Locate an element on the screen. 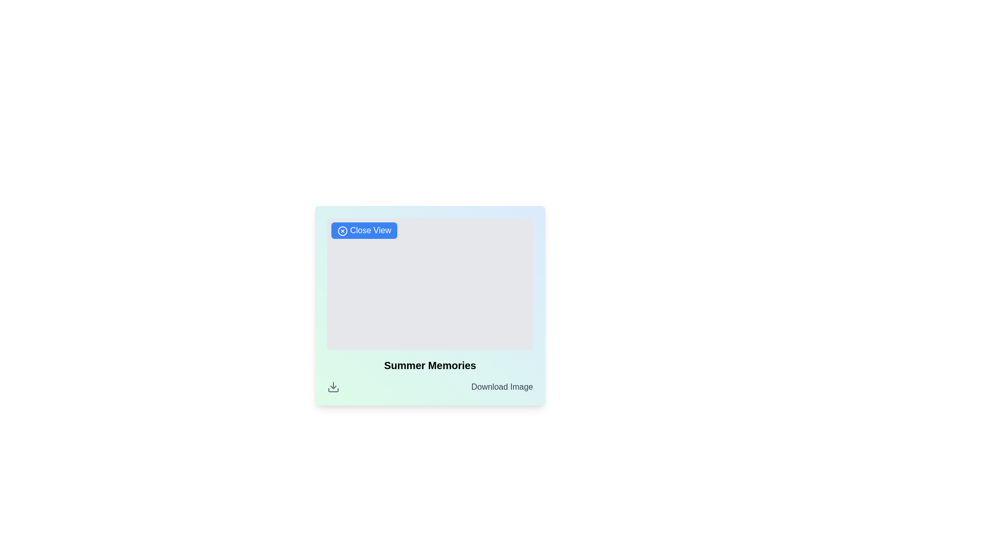 The height and width of the screenshot is (556, 988). 'Download Image' text label located at the bottom-right corner of the card UI section, which is displayed in gray color is located at coordinates (502, 387).